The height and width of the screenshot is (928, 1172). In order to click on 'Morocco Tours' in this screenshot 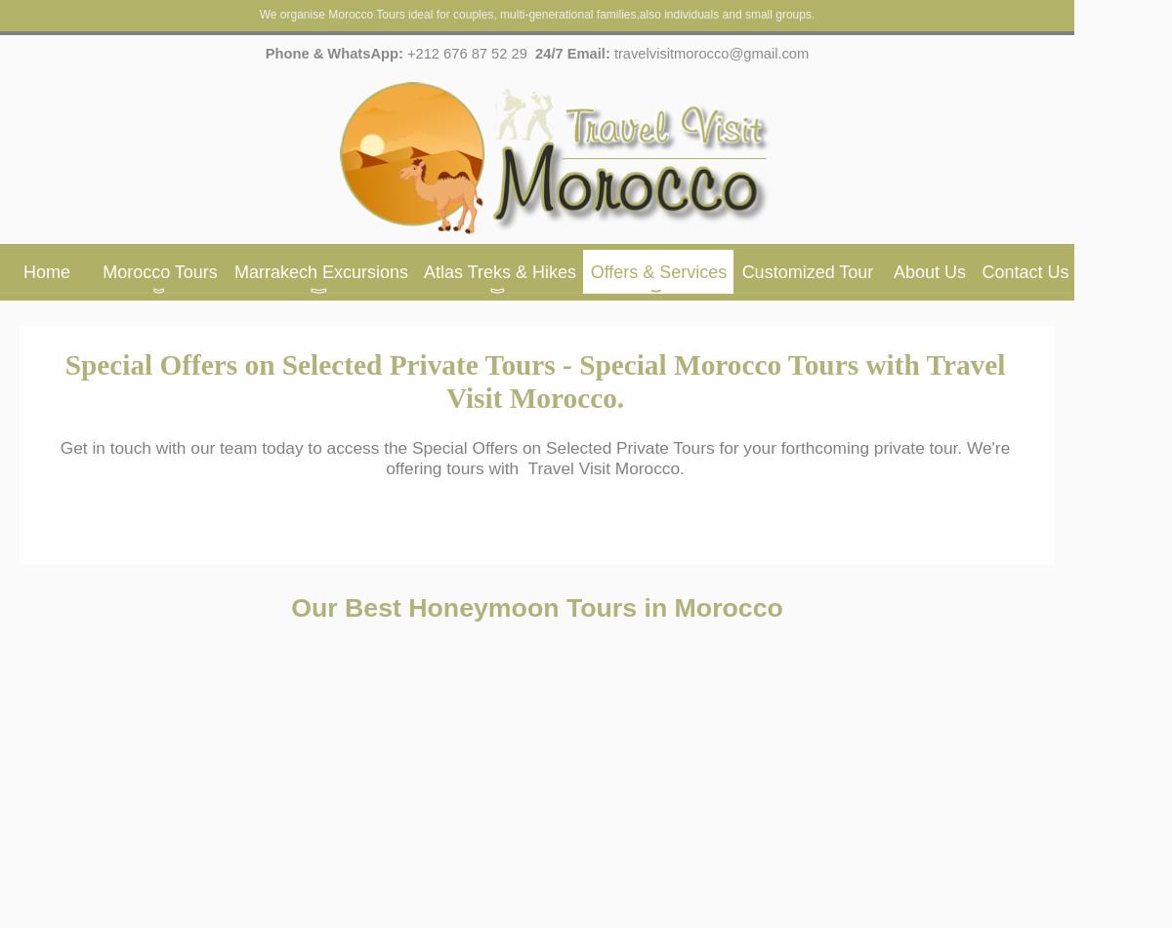, I will do `click(103, 272)`.